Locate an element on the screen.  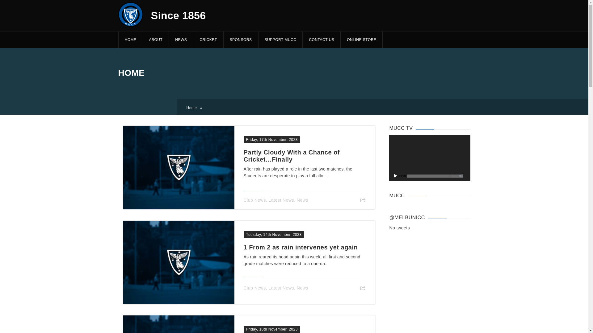
'Mute' is located at coordinates (461, 175).